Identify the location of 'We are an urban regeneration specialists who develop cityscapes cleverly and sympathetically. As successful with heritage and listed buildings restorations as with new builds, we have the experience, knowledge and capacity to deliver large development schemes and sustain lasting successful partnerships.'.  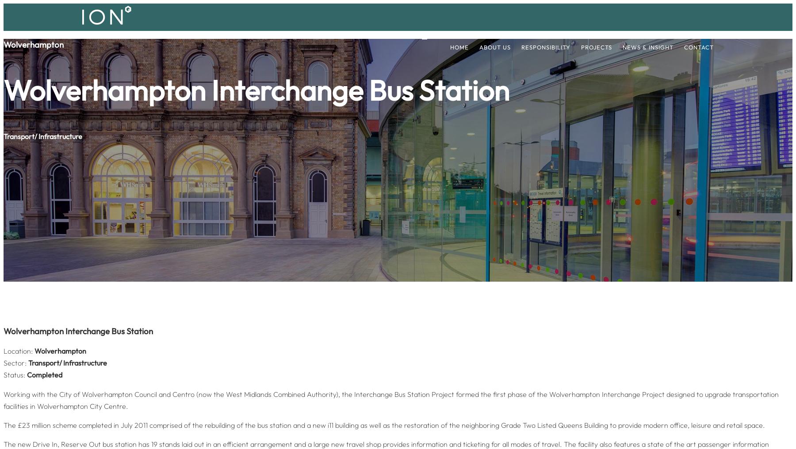
(96, 63).